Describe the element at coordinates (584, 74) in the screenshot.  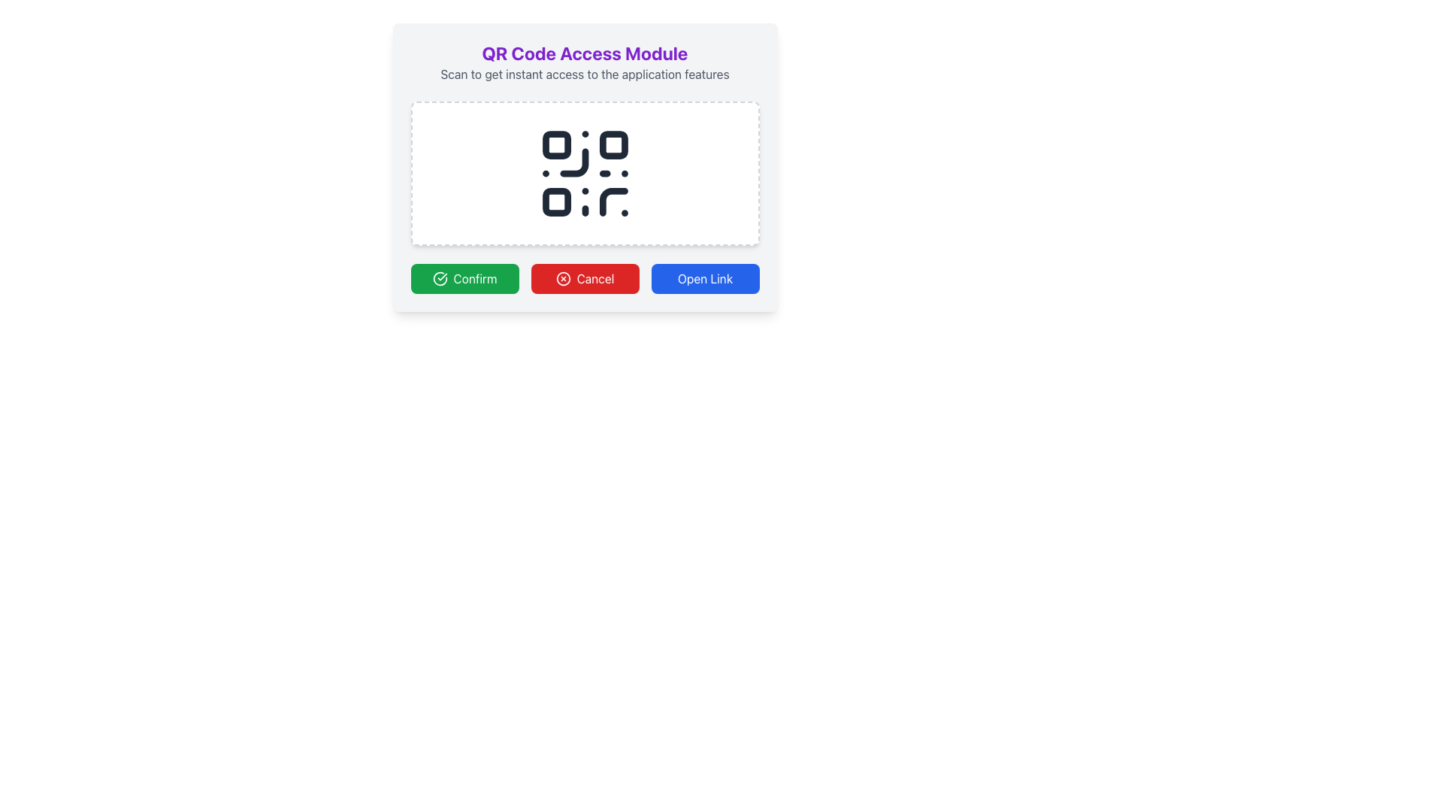
I see `the static text label that provides context about the QR code functionality, located between the header 'QR Code Access Module' and the QR code frame` at that location.